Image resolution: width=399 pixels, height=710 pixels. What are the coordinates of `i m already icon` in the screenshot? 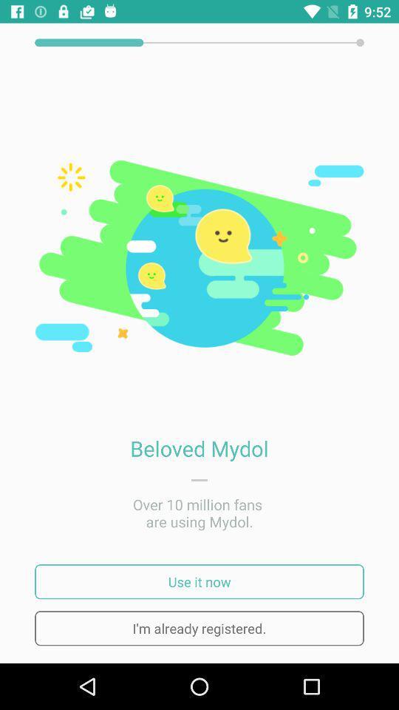 It's located at (199, 627).